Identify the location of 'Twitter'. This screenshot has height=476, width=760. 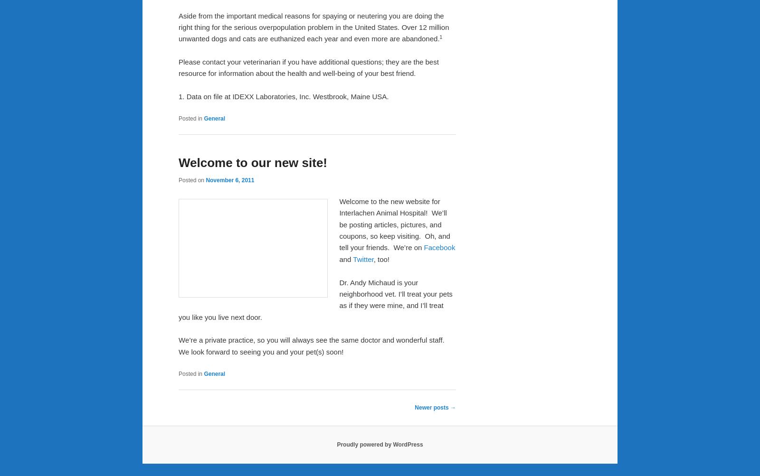
(353, 258).